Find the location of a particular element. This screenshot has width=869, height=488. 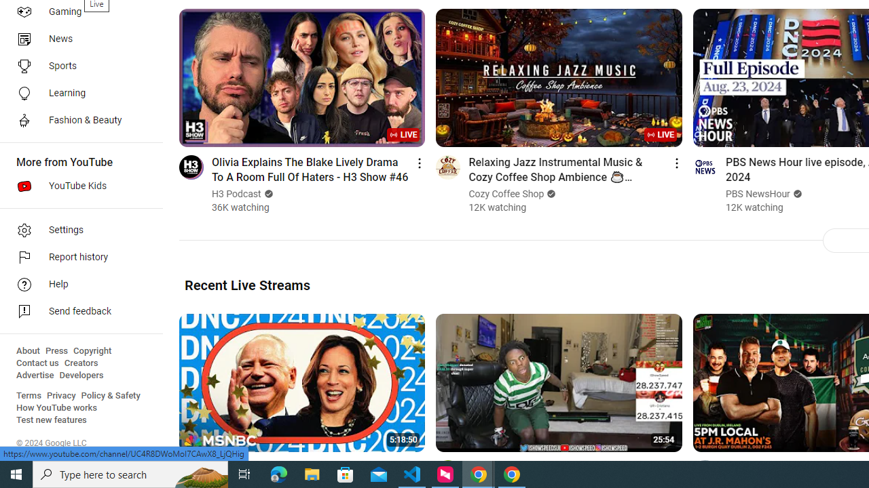

'Developers' is located at coordinates (81, 375).